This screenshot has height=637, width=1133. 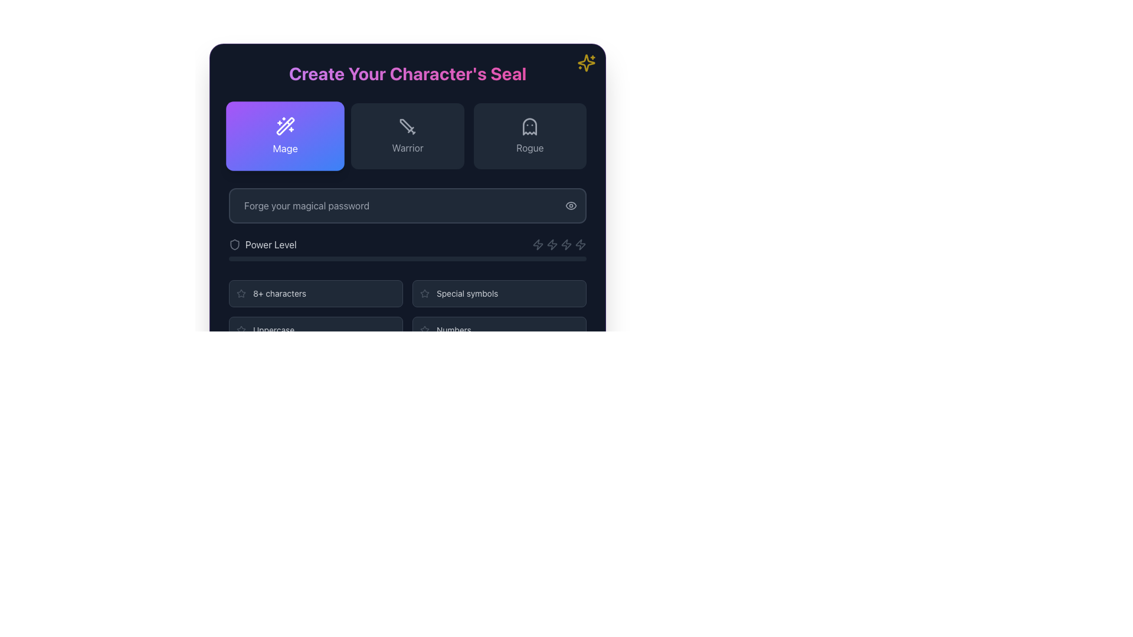 I want to click on the 'Rogue' button, which is a rectangular button with rounded corners, dark gray background, and a ghost icon at the top, so click(x=529, y=136).